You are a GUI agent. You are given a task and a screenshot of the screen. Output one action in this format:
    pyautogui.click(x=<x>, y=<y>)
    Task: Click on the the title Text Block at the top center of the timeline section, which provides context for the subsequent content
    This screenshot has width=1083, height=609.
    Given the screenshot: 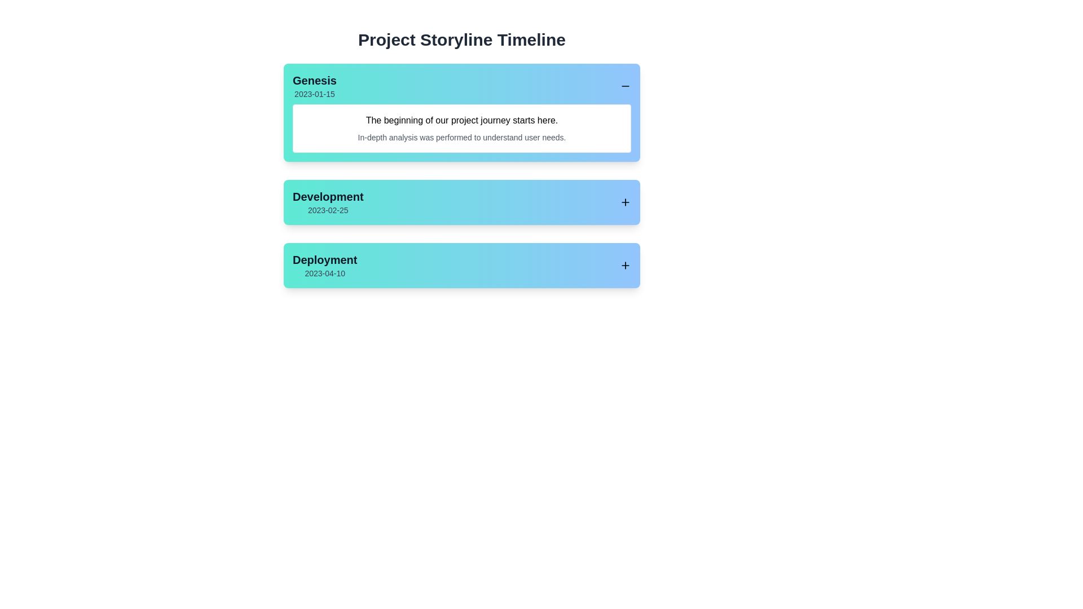 What is the action you would take?
    pyautogui.click(x=462, y=39)
    